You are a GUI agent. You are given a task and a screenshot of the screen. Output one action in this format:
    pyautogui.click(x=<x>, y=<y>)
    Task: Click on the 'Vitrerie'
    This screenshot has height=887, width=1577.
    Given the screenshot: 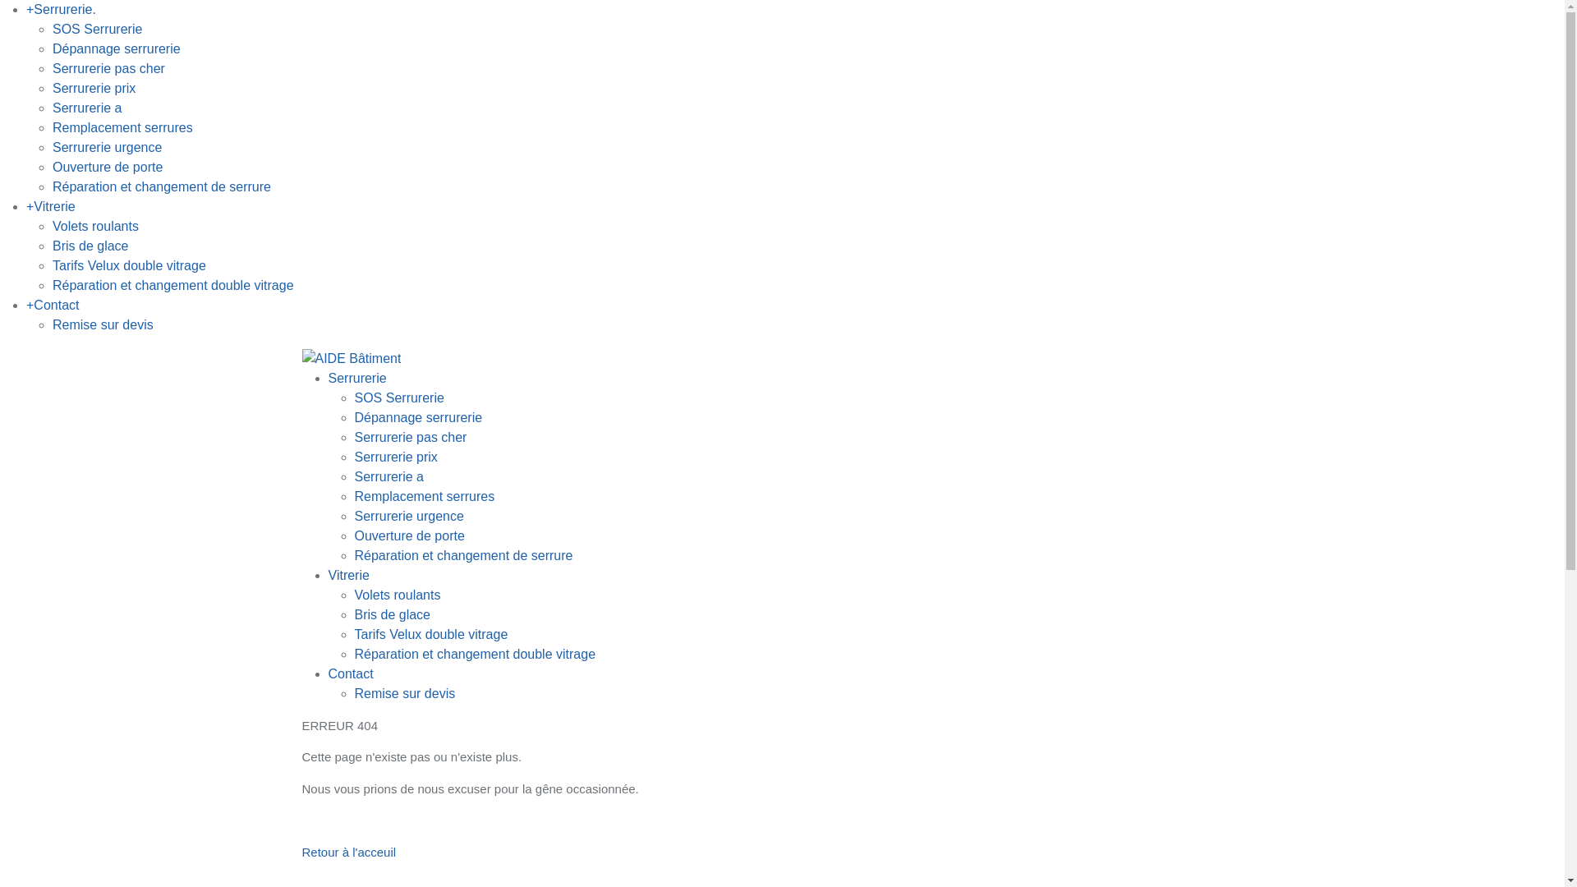 What is the action you would take?
    pyautogui.click(x=348, y=574)
    